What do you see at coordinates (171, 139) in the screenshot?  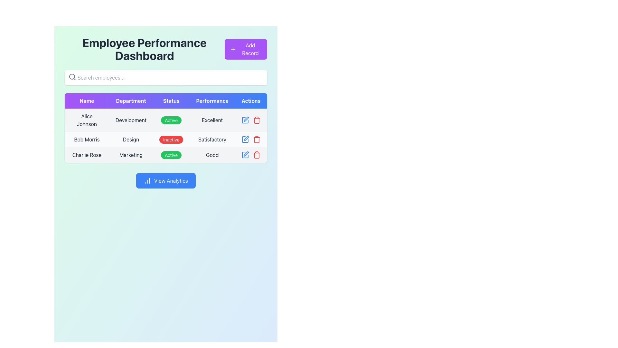 I see `the 'Inactive' Status Badge for the 'Bob Morris' entry in the second row of the table` at bounding box center [171, 139].